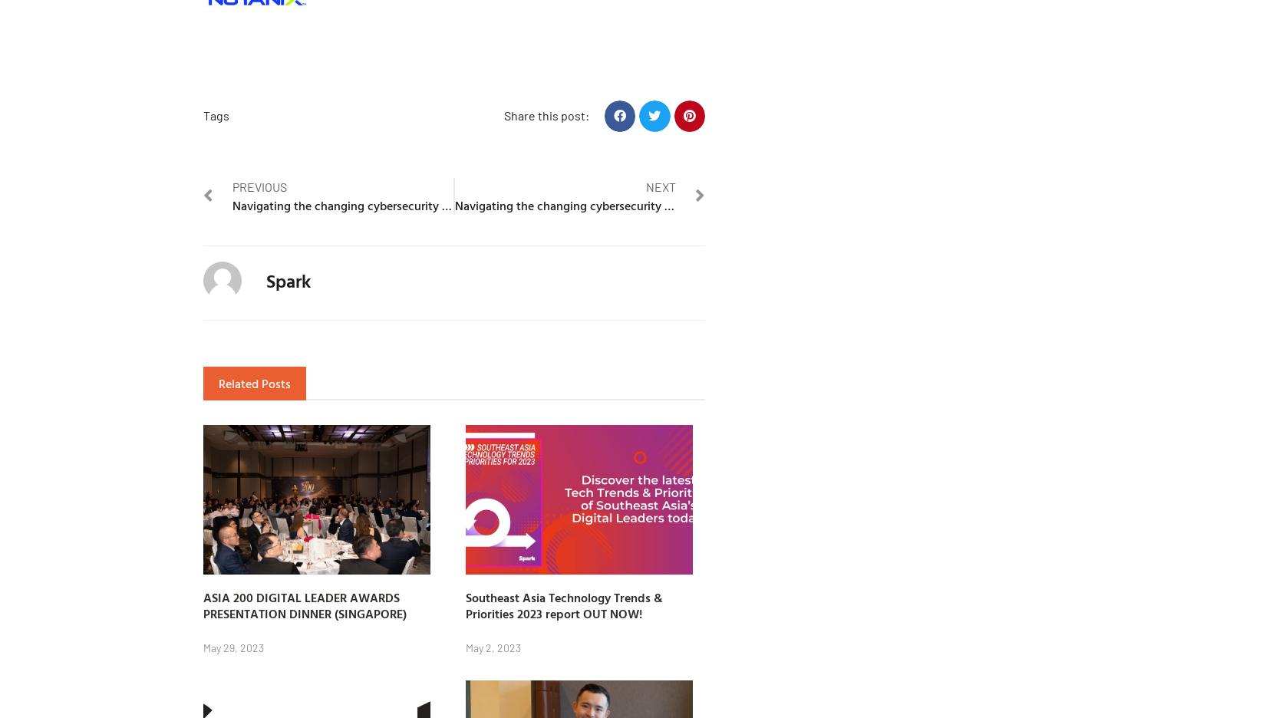  I want to click on 'Next', so click(661, 185).